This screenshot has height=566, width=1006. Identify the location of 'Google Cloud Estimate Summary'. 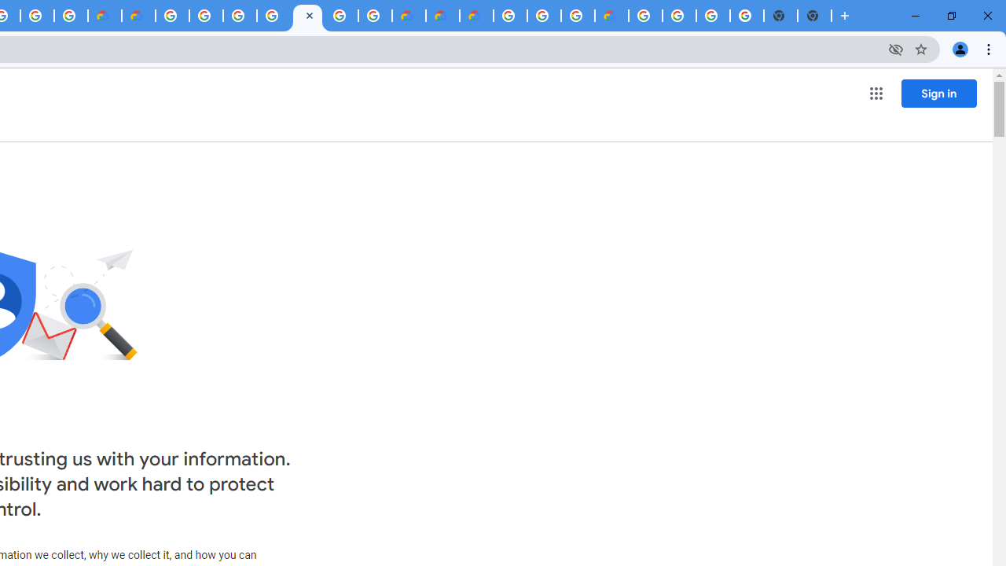
(475, 16).